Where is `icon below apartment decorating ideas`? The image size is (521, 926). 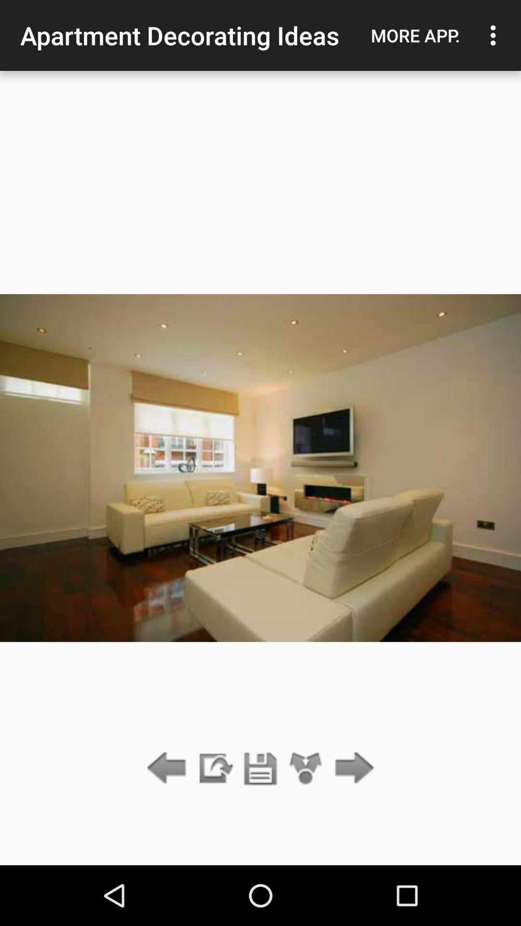
icon below apartment decorating ideas is located at coordinates (306, 768).